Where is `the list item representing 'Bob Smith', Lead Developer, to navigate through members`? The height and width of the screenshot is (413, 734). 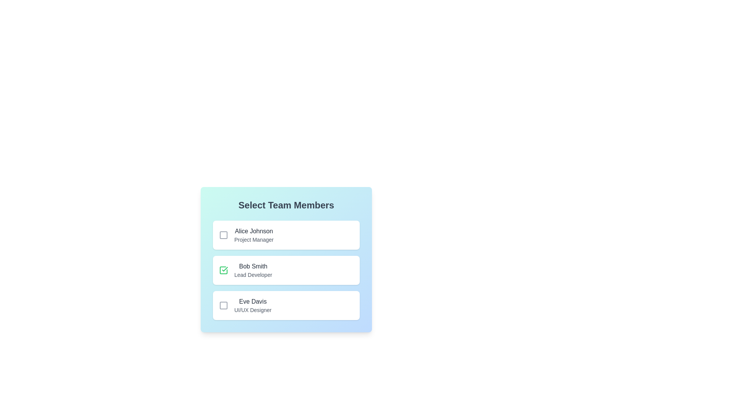 the list item representing 'Bob Smith', Lead Developer, to navigate through members is located at coordinates (286, 270).